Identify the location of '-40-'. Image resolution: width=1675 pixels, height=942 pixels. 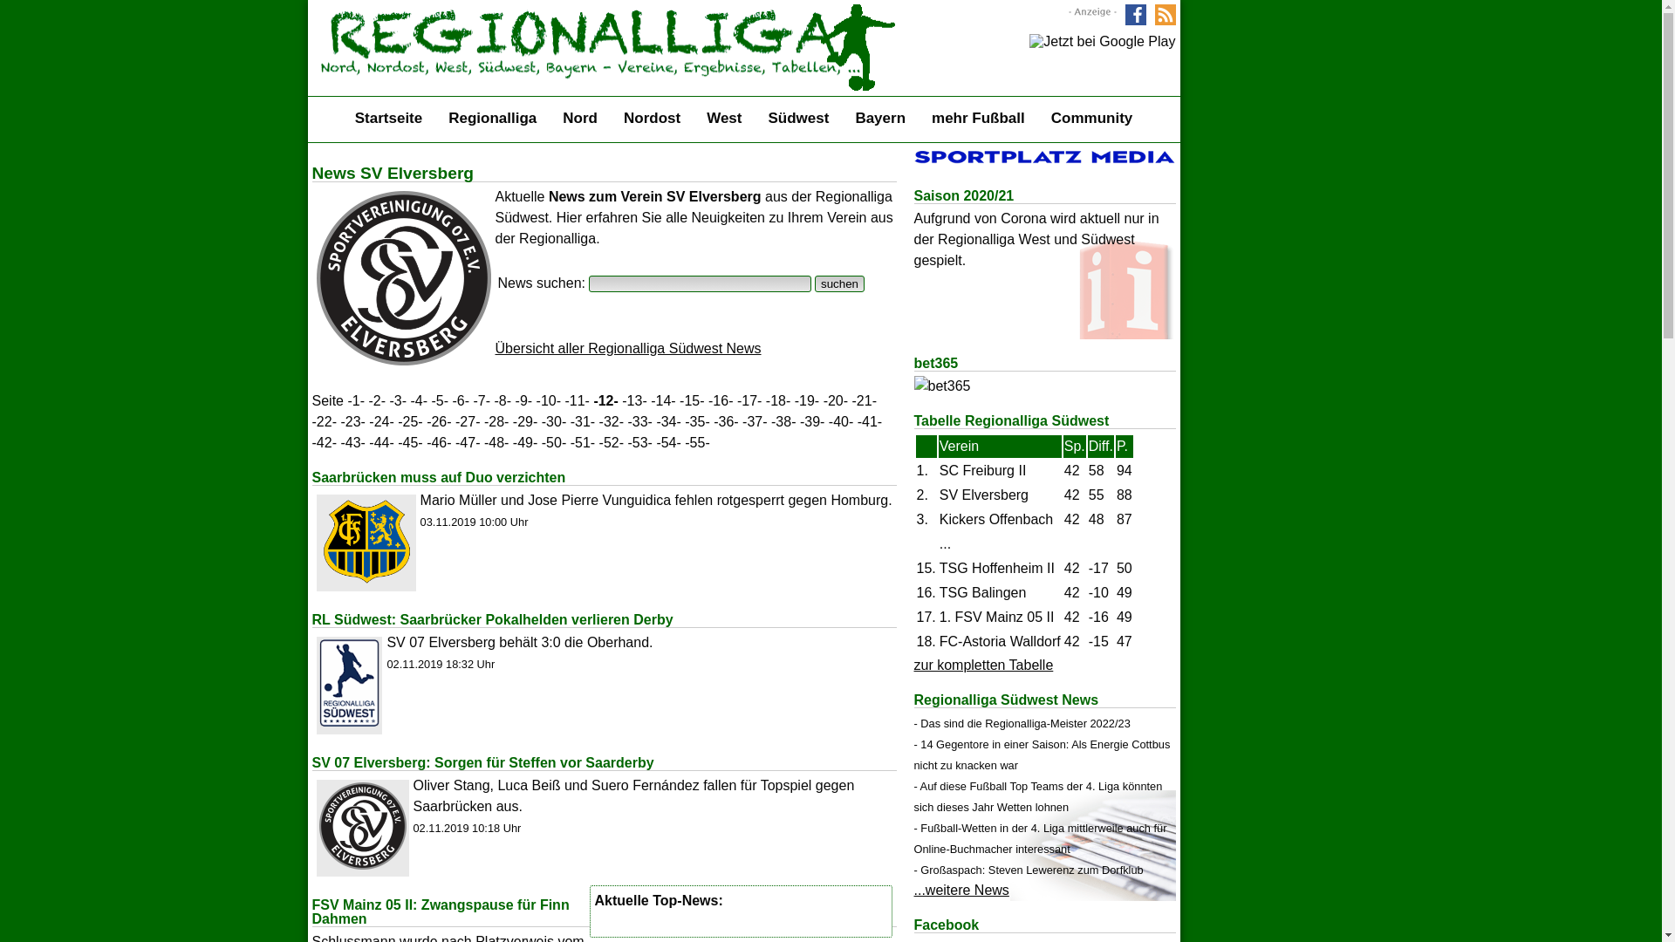
(828, 421).